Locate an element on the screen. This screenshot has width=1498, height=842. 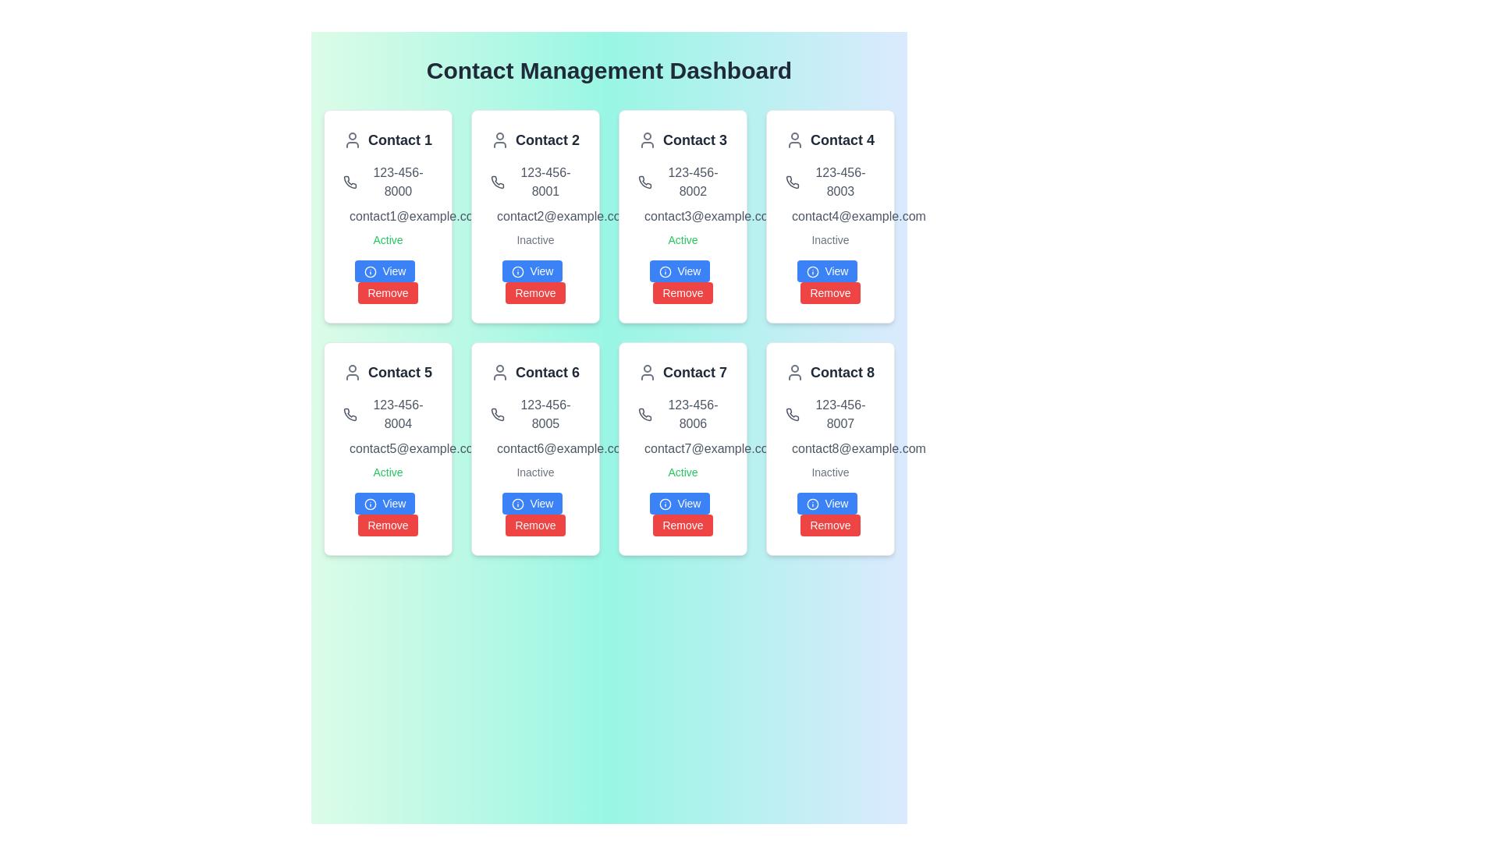
the red button in the Compound button group within the 'Contact 5' card is located at coordinates (388, 514).